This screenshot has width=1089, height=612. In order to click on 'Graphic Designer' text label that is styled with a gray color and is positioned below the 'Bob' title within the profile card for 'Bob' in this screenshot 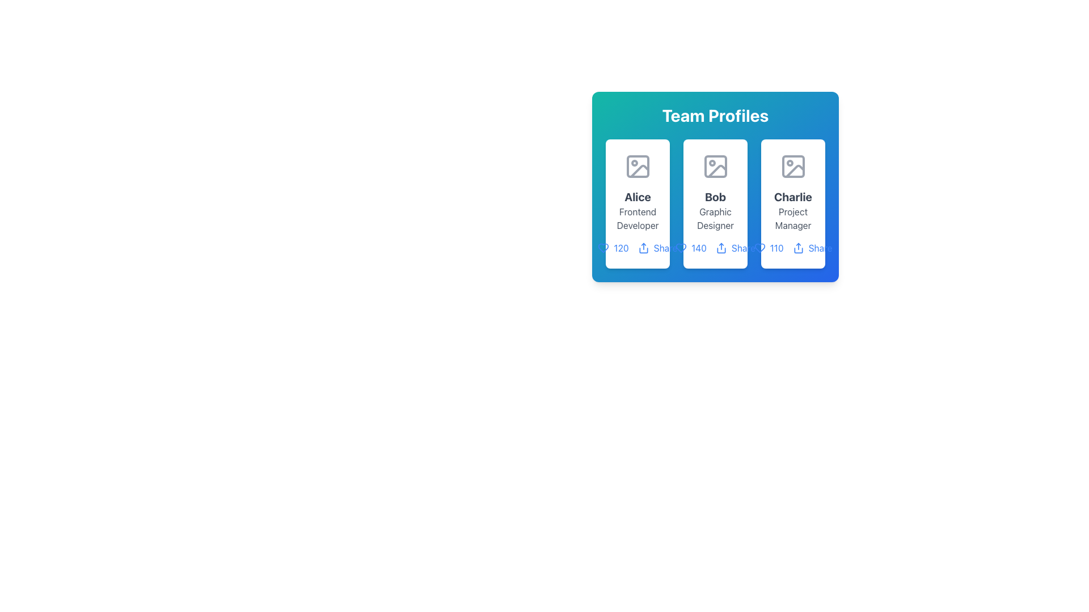, I will do `click(715, 218)`.